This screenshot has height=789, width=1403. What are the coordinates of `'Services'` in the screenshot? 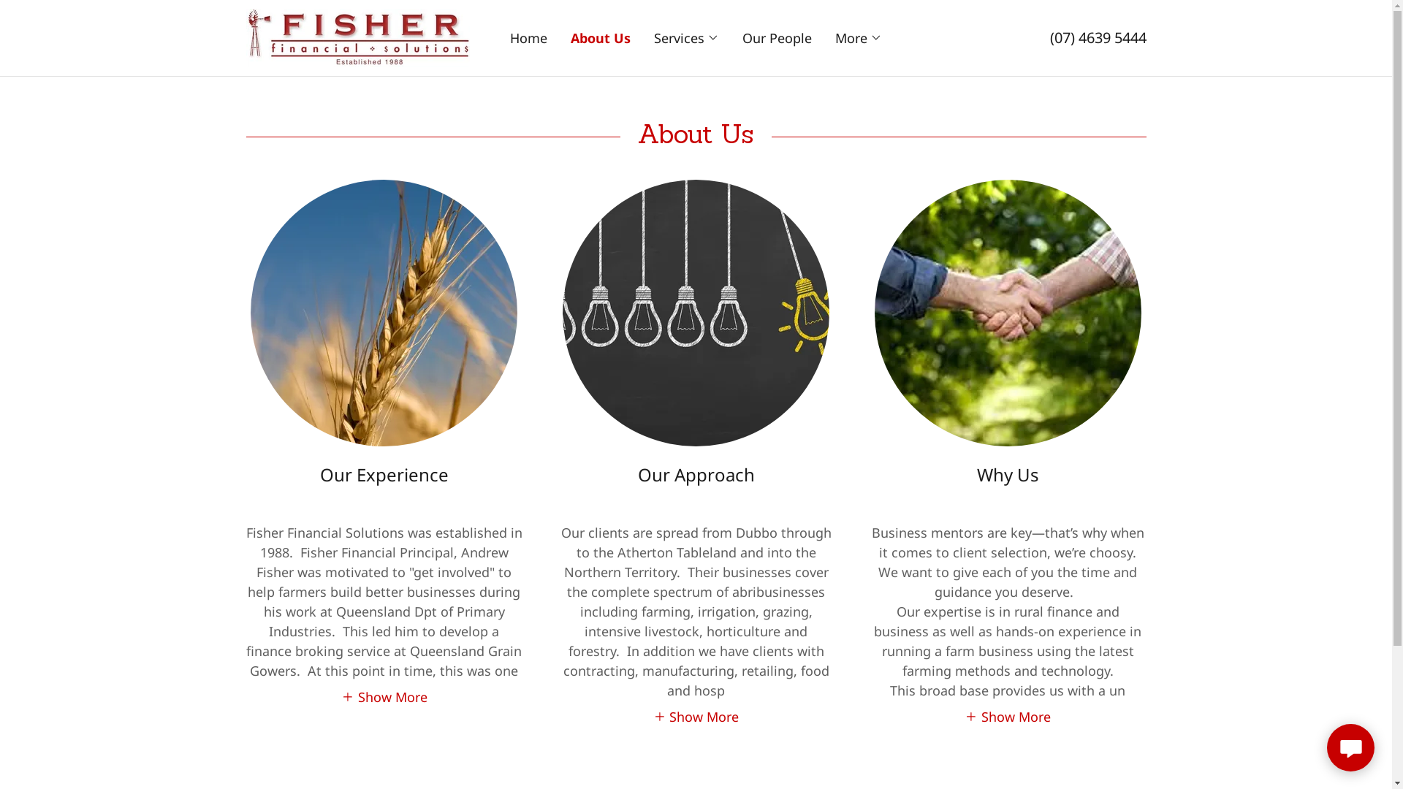 It's located at (685, 37).